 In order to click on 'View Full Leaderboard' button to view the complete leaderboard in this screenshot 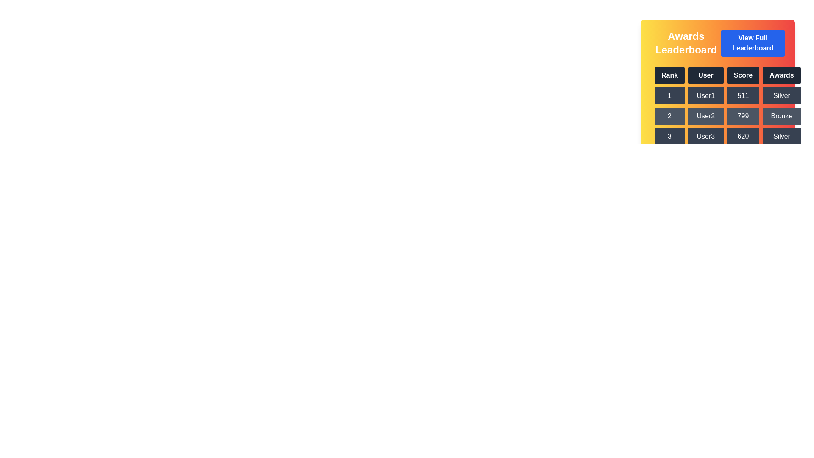, I will do `click(753, 43)`.